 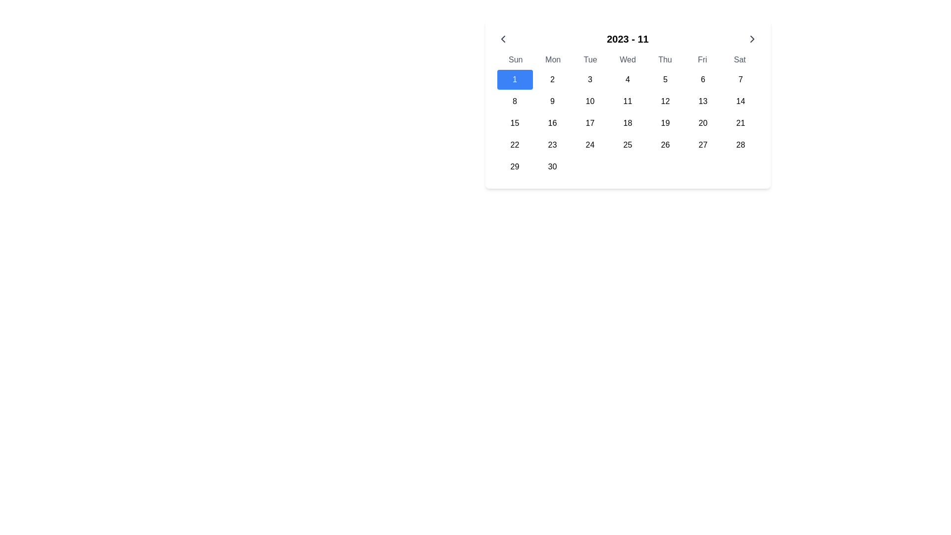 What do you see at coordinates (590, 123) in the screenshot?
I see `the button representing the 17th day of the month in the calendar interface` at bounding box center [590, 123].